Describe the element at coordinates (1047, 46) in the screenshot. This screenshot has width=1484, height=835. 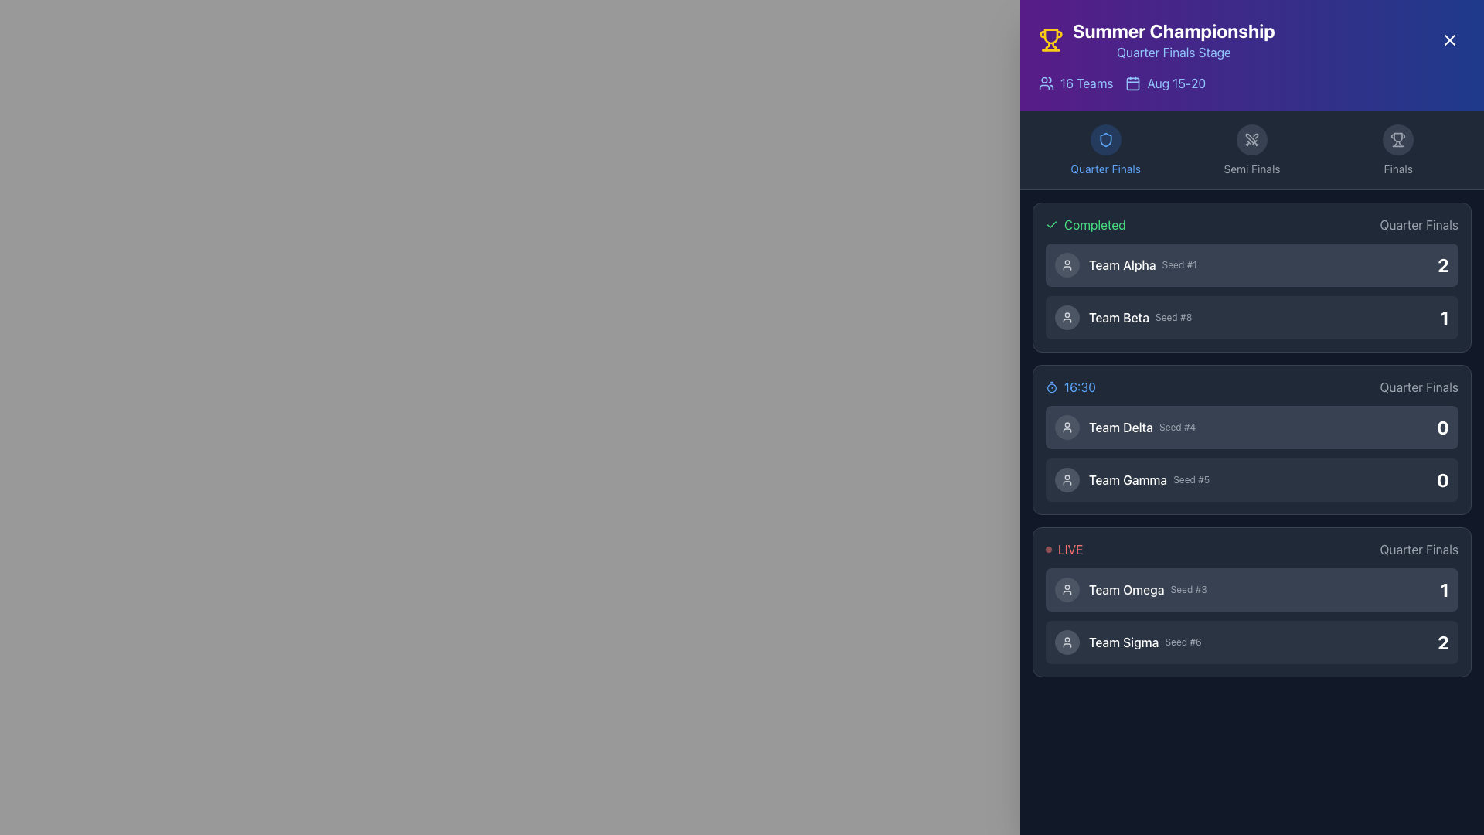
I see `the left handle of the trophy icon, which is a curved line in the SVG graphic, located at the top-left side of the interface` at that location.